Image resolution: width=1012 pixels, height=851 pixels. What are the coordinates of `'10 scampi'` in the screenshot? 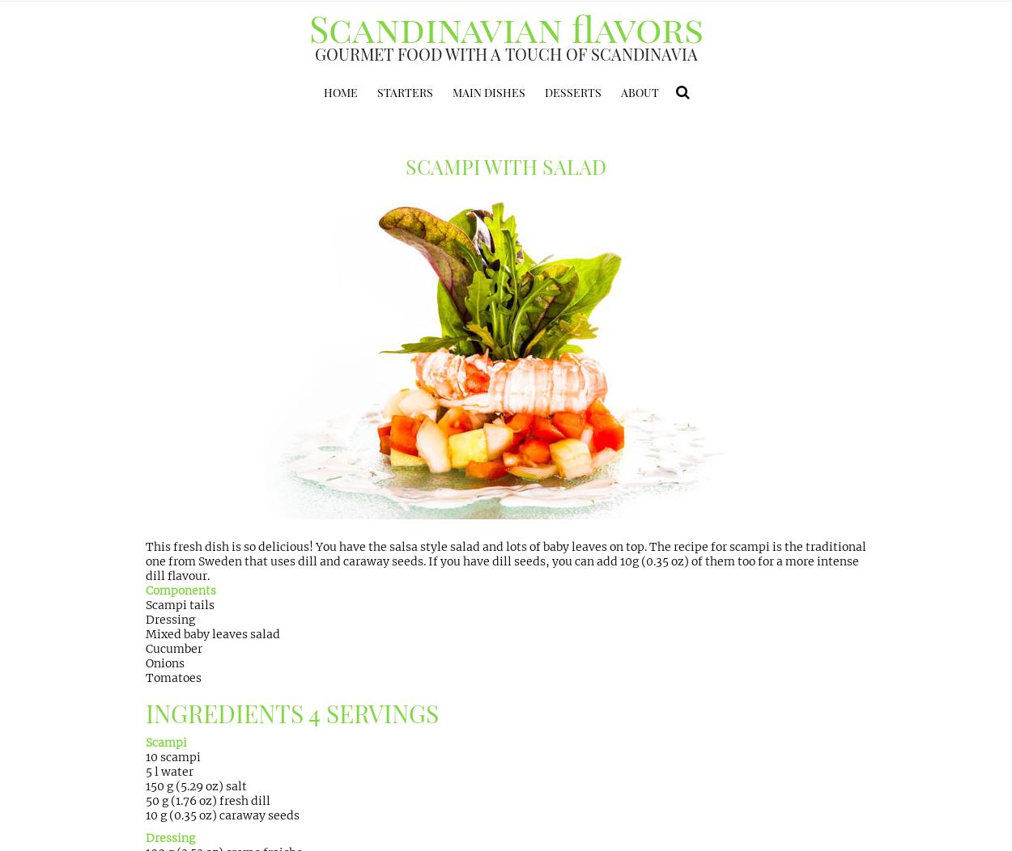 It's located at (146, 756).